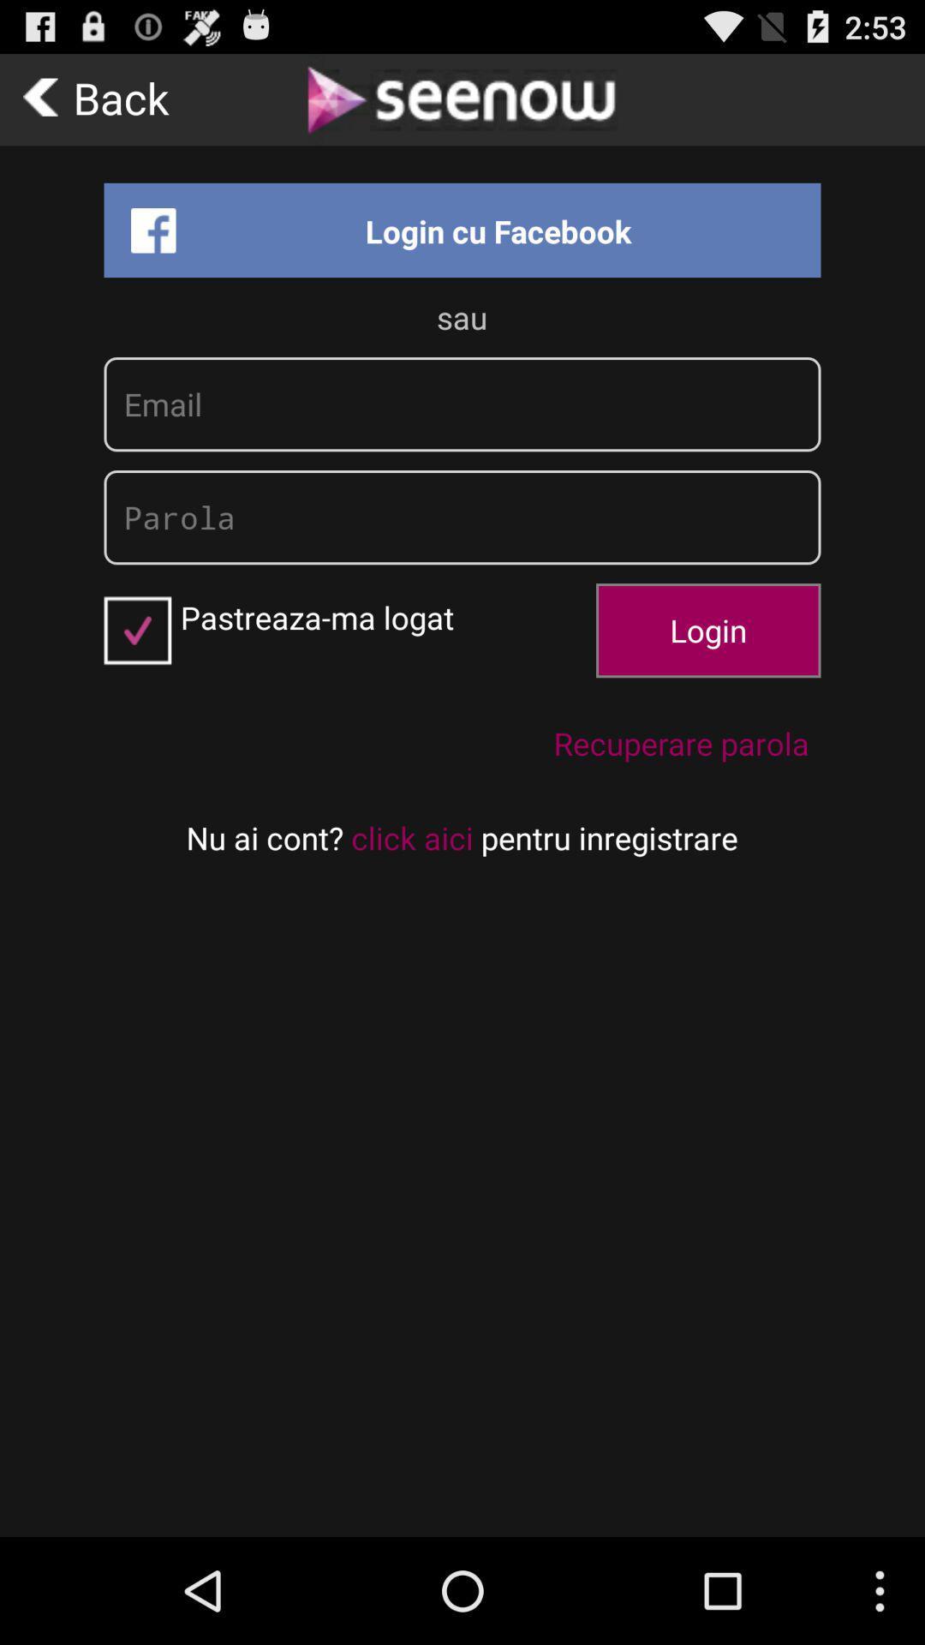  What do you see at coordinates (462, 403) in the screenshot?
I see `the text field email on the web page` at bounding box center [462, 403].